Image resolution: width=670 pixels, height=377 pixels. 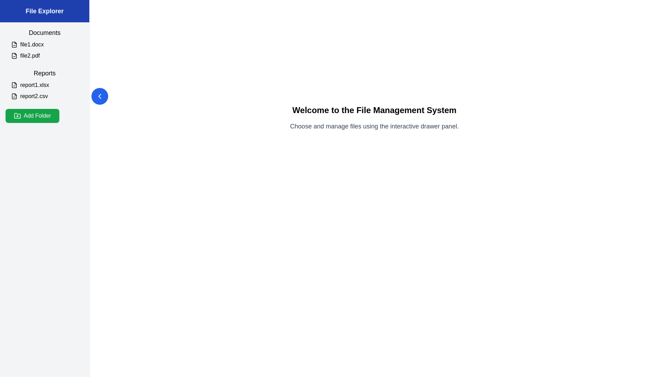 What do you see at coordinates (14, 84) in the screenshot?
I see `the file icon representing 'report1.xlsx' with a minus sign in the 'Reports' section of the 'File Explorer' panel` at bounding box center [14, 84].